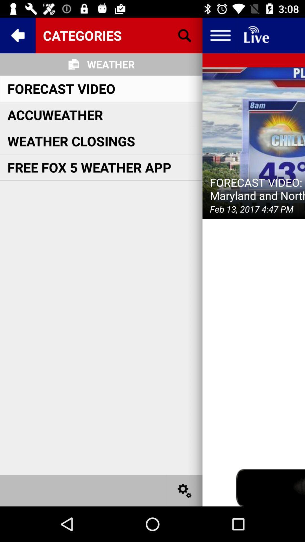 This screenshot has width=305, height=542. Describe the element at coordinates (185, 490) in the screenshot. I see `open settings` at that location.